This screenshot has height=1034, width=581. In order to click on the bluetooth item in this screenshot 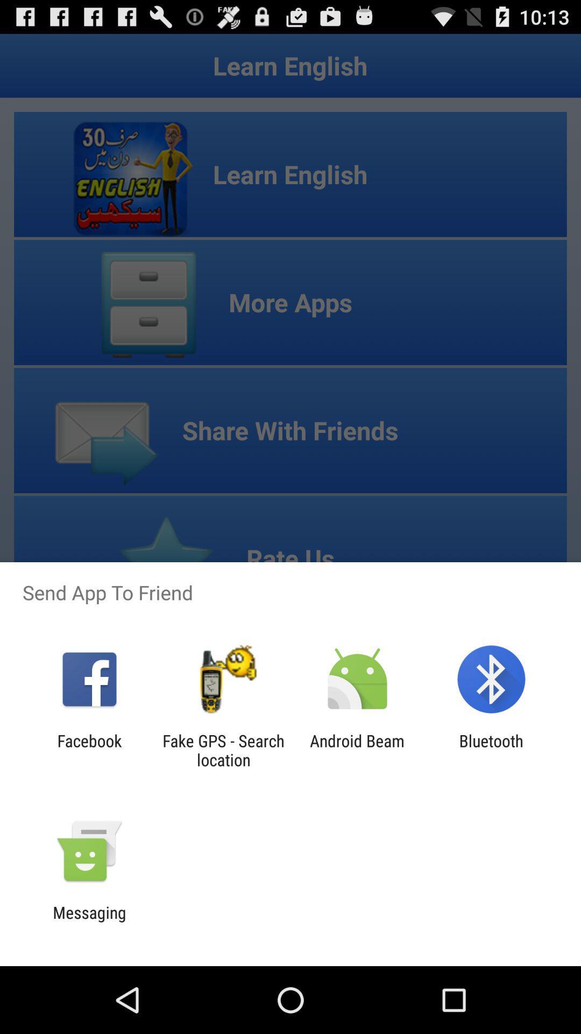, I will do `click(491, 750)`.